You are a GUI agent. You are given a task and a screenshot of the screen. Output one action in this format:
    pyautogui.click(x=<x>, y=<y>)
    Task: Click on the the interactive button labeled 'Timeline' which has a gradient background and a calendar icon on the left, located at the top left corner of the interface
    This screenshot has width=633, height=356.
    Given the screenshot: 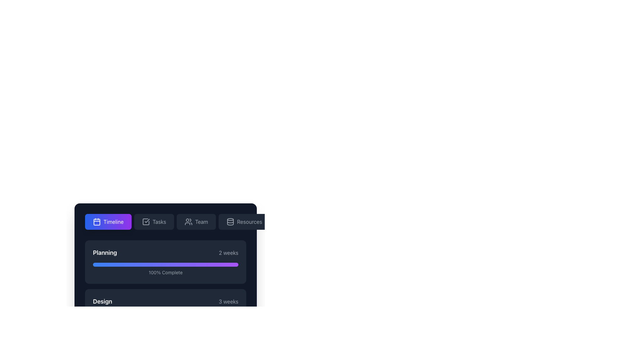 What is the action you would take?
    pyautogui.click(x=113, y=222)
    